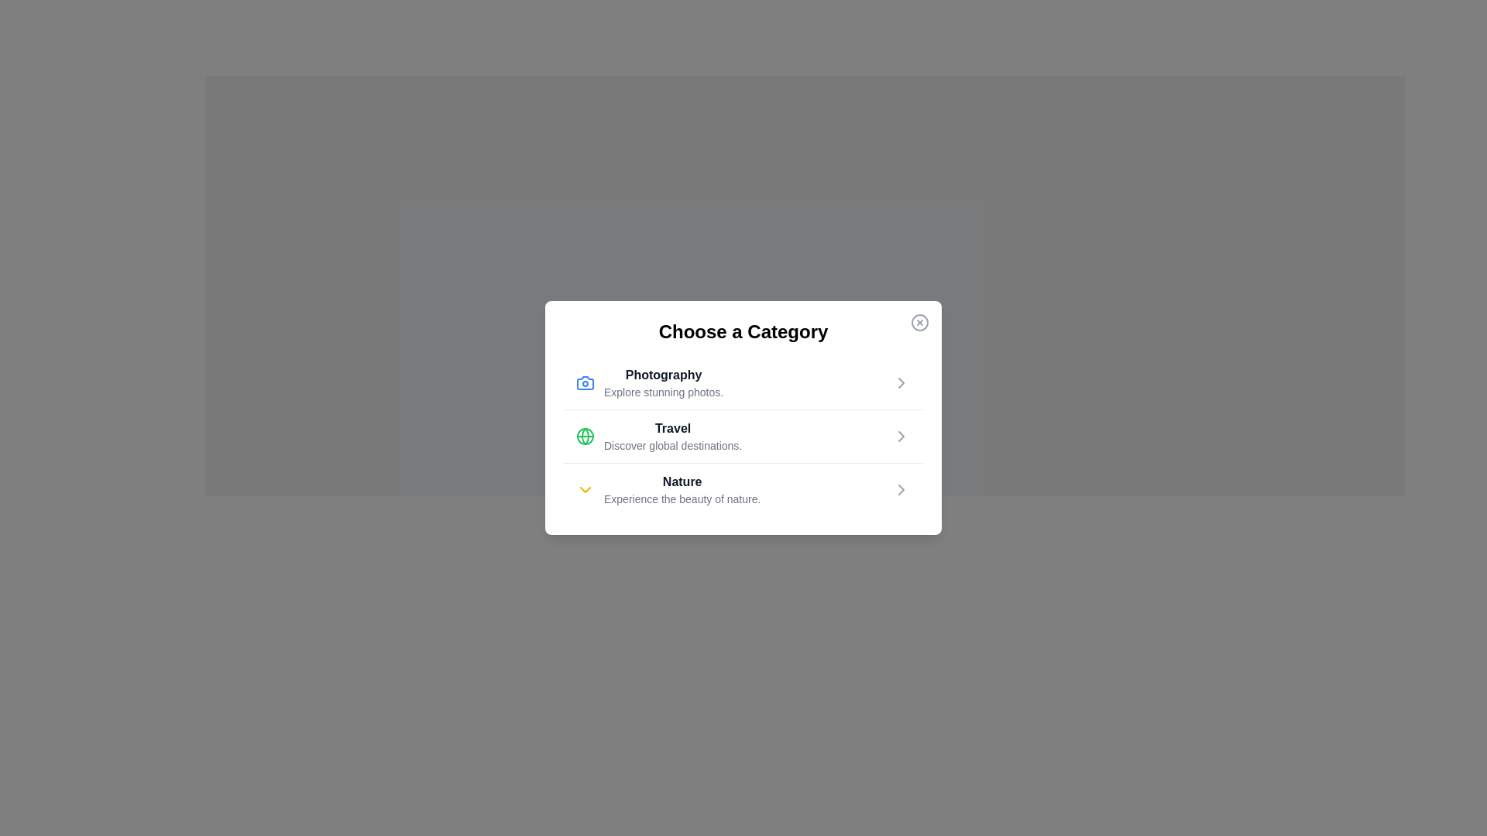  I want to click on header text displaying 'Choose a Category', which is prominently styled in bold and large font above the selectable options in the modal, so click(743, 331).